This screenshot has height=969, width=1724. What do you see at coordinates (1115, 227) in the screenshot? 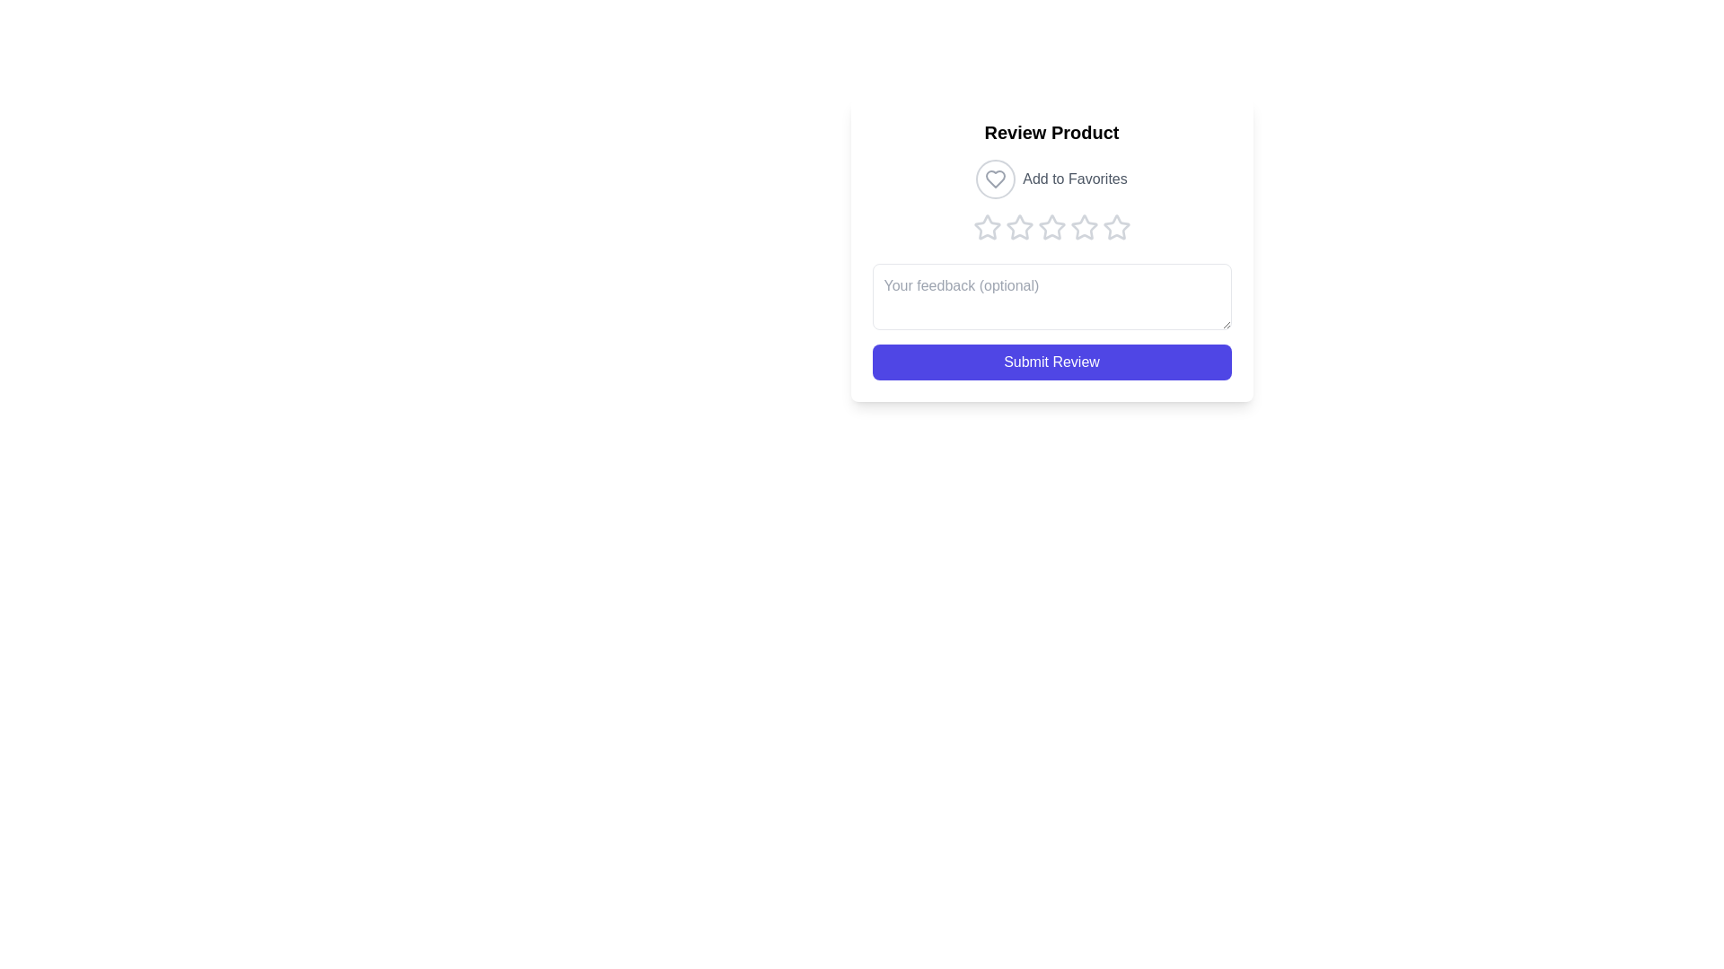
I see `the fifth star icon in the rating widget to give a rating` at bounding box center [1115, 227].